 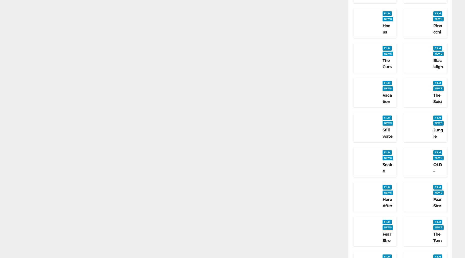 I want to click on 'Here After – Film Review', so click(x=382, y=215).